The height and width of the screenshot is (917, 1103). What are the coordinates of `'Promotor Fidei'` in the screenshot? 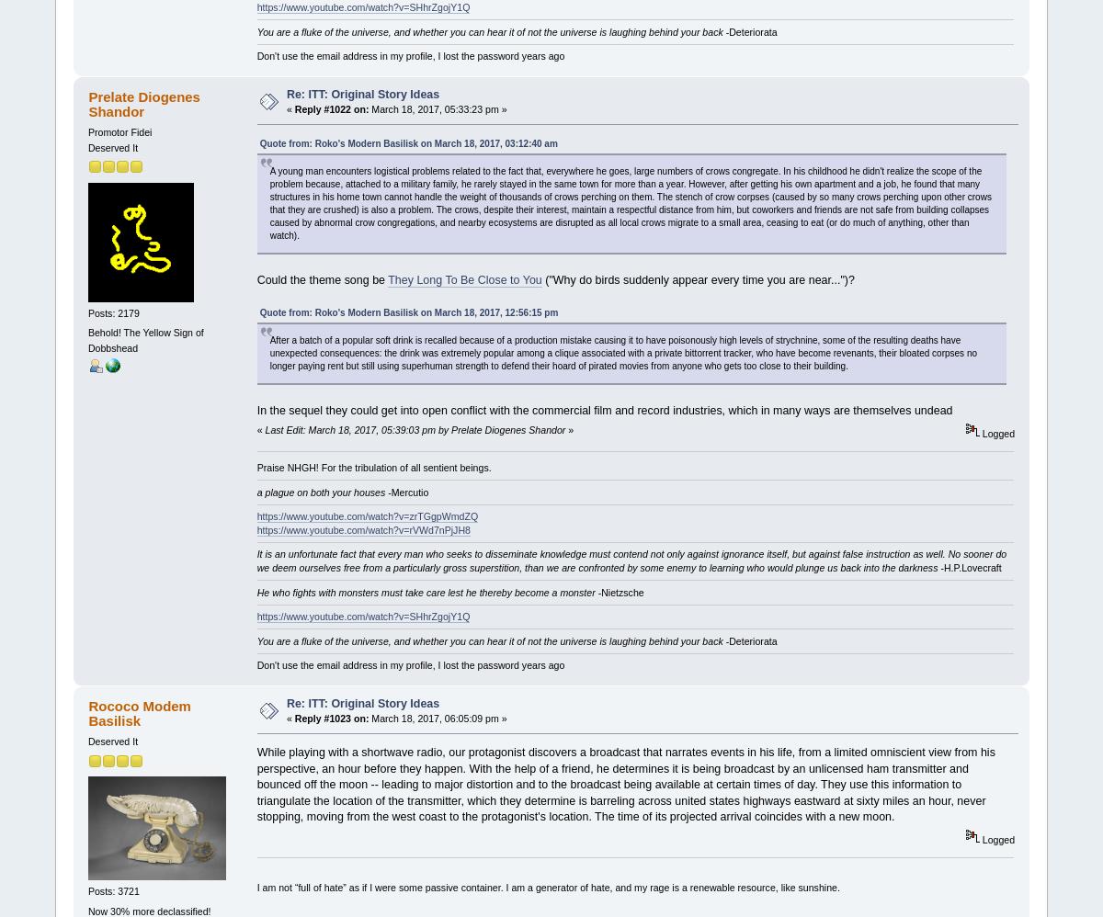 It's located at (87, 132).